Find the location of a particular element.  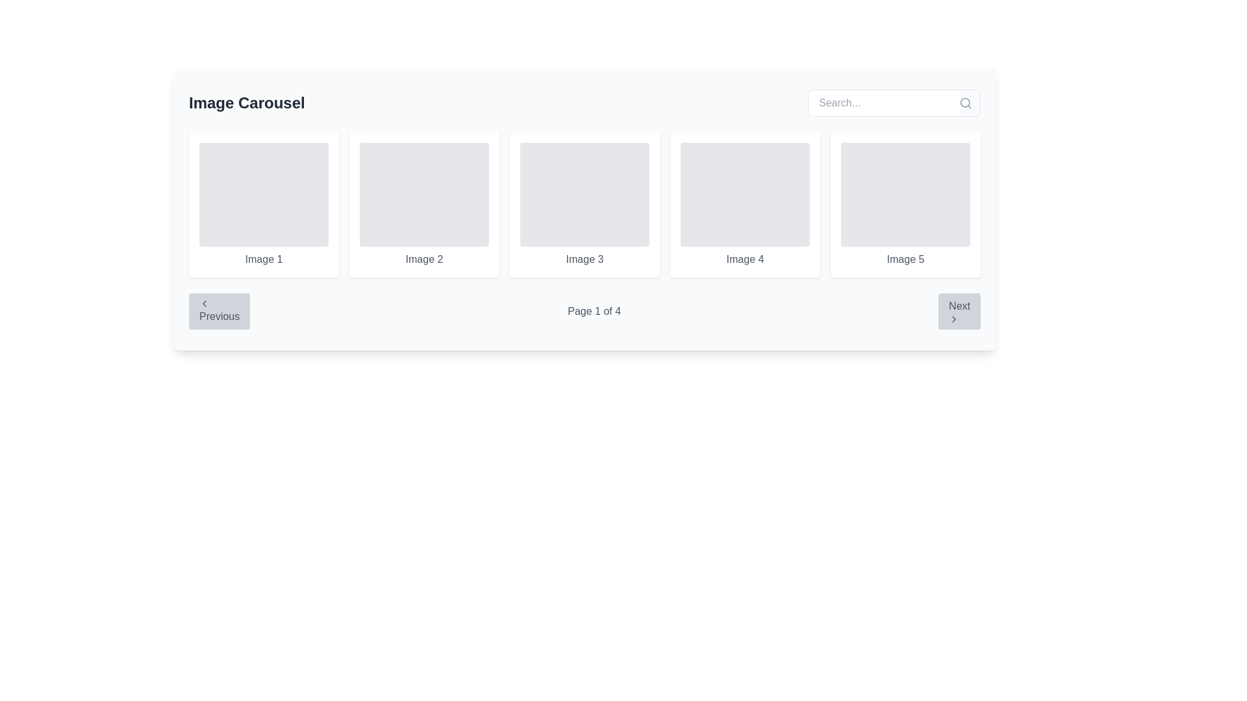

the chevron icon within the 'Next' button located at the bottom-right corner of the image carousel is located at coordinates (953, 319).